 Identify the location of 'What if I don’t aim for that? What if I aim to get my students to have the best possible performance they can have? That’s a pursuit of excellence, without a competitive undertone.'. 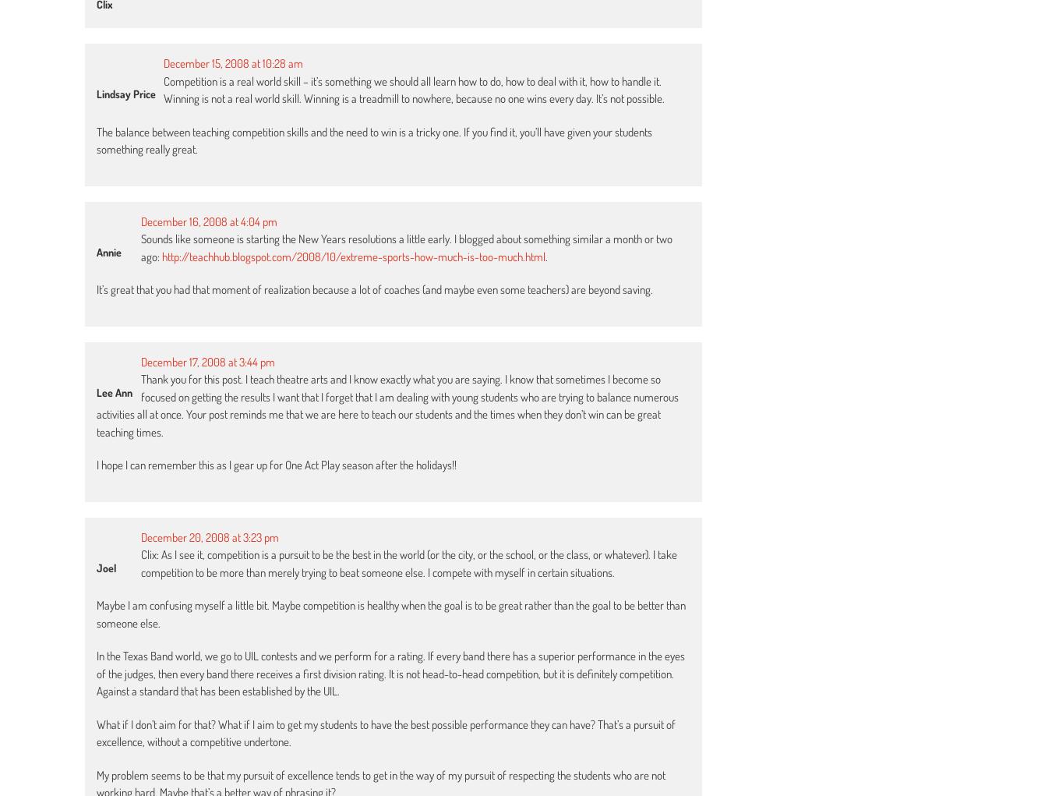
(97, 733).